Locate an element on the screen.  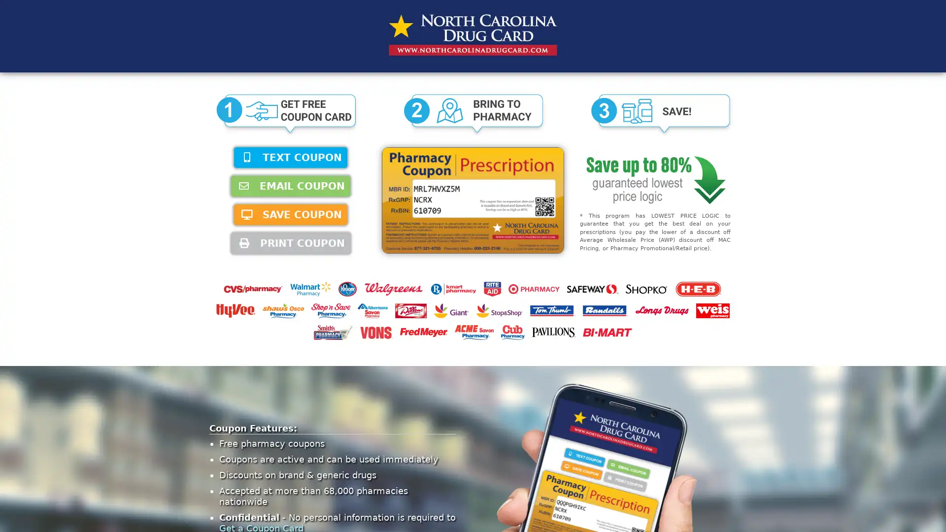
TEXT COUPON is located at coordinates (290, 157).